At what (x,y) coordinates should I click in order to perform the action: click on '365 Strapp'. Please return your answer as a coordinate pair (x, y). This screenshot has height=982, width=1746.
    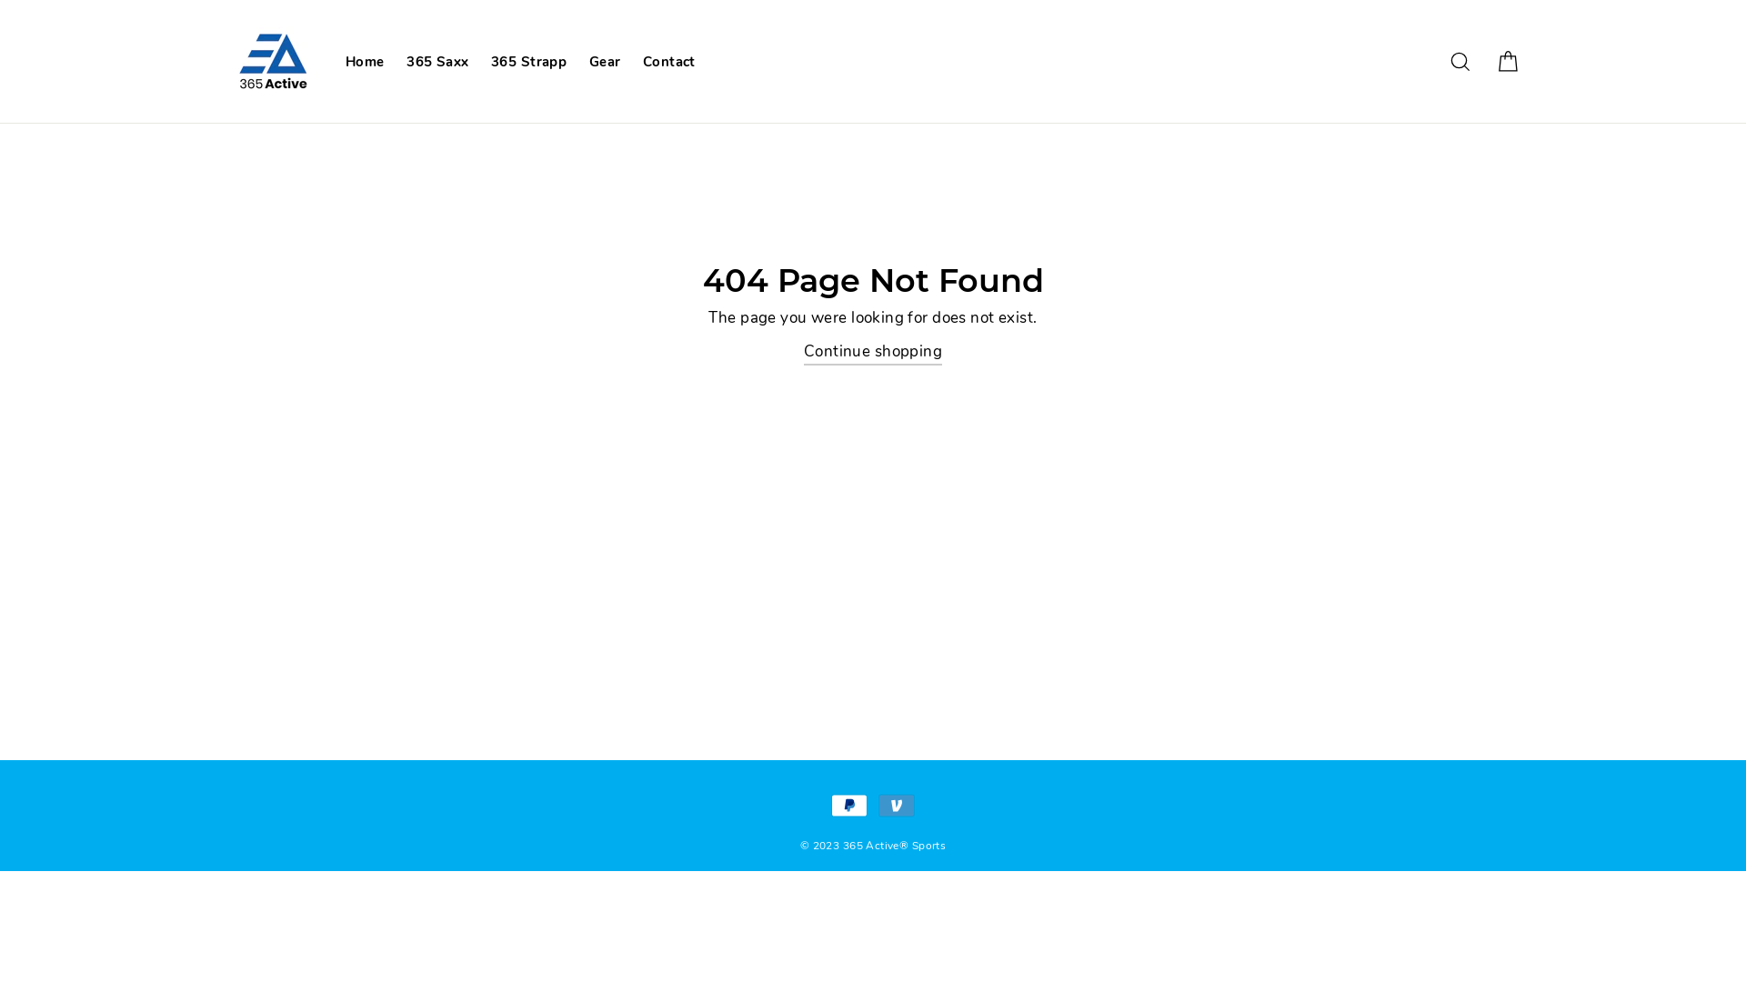
    Looking at the image, I should click on (527, 60).